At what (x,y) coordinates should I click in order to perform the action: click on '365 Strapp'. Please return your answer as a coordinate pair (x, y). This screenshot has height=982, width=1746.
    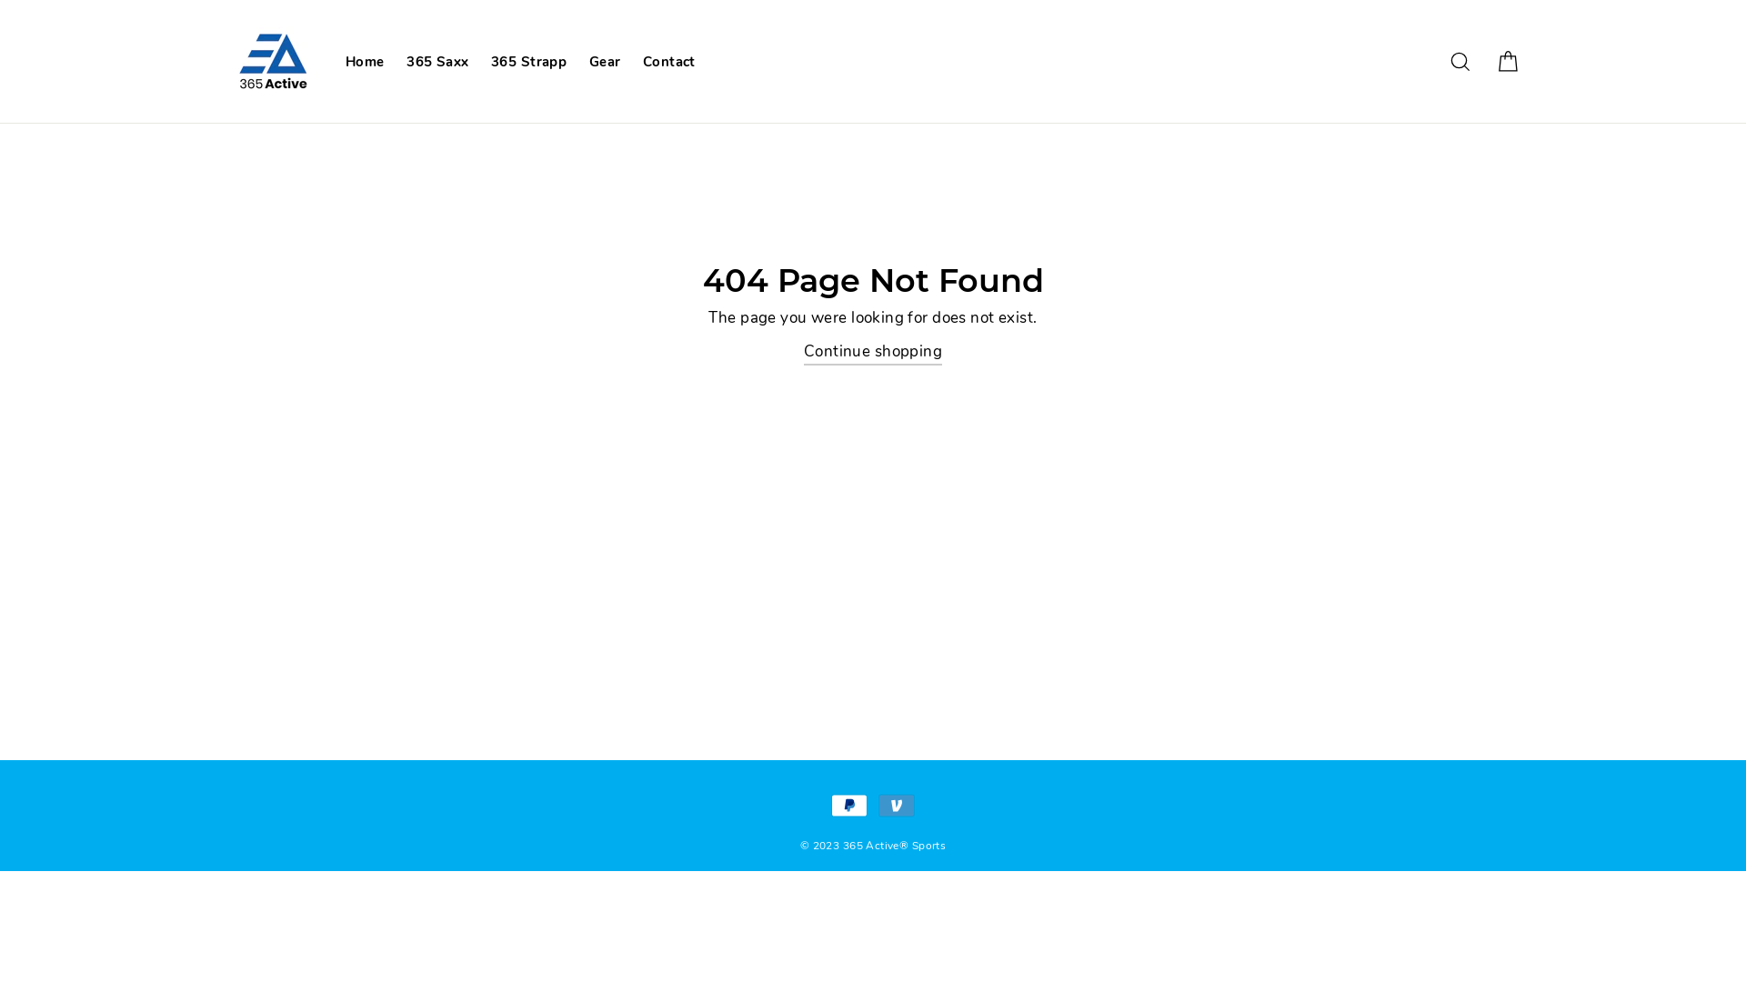
    Looking at the image, I should click on (527, 60).